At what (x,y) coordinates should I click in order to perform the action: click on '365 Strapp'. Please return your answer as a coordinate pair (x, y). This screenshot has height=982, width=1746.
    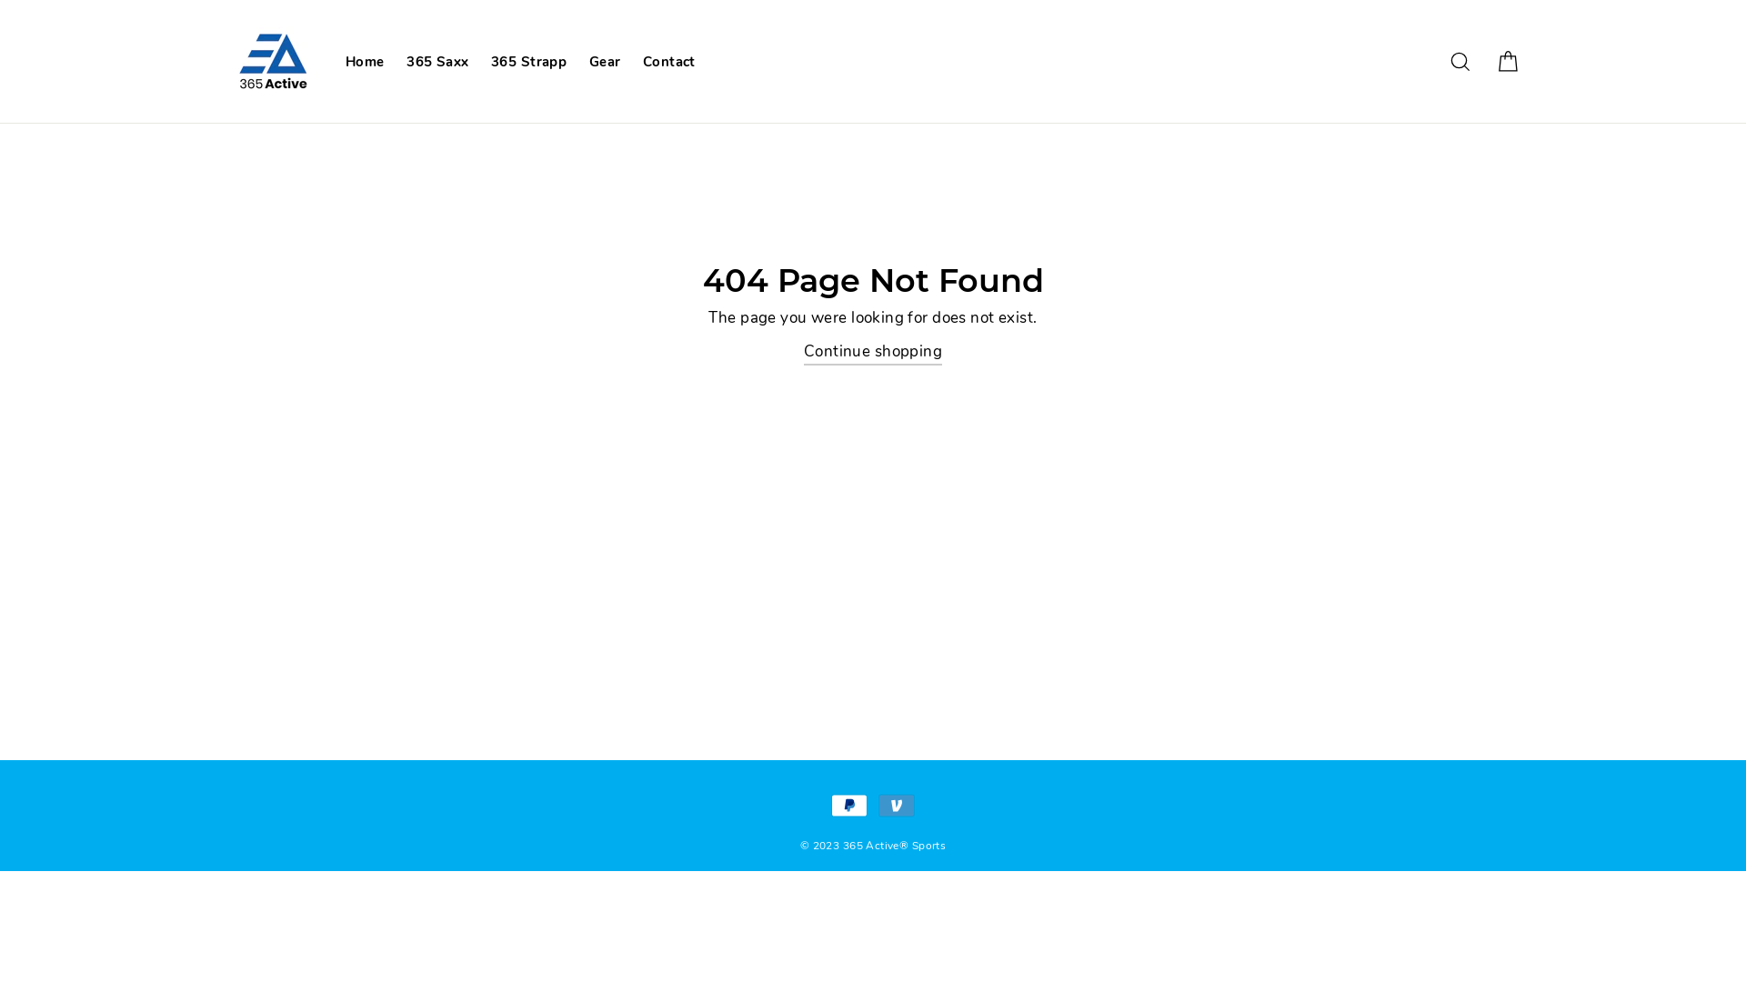
    Looking at the image, I should click on (527, 60).